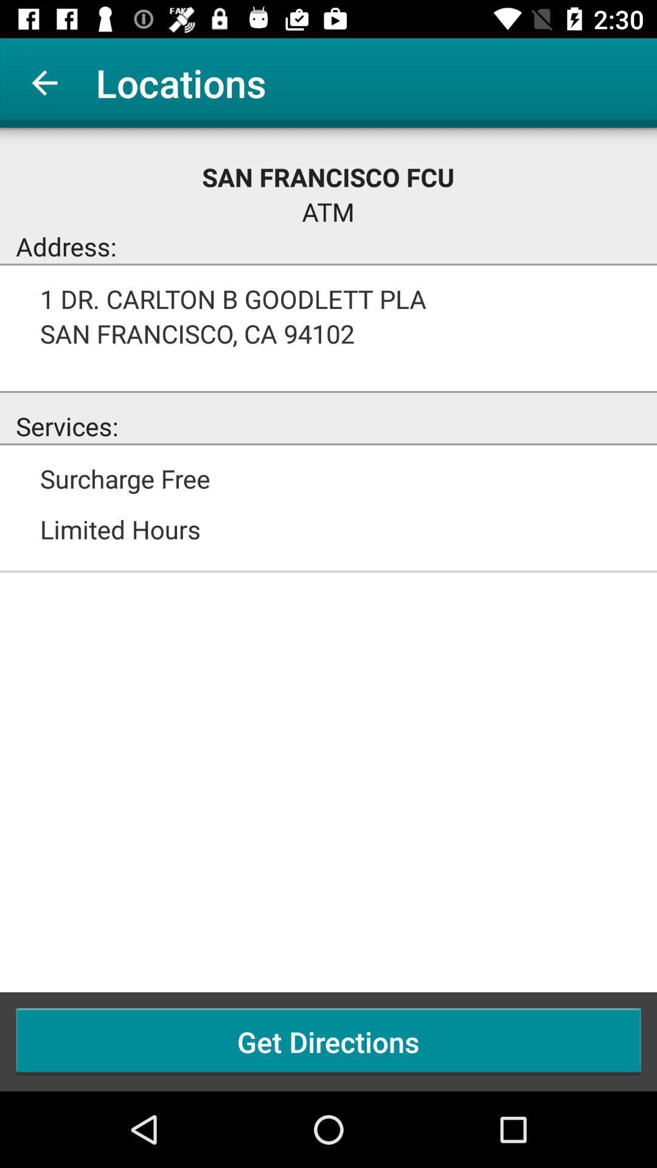  I want to click on the get directions icon, so click(328, 1041).